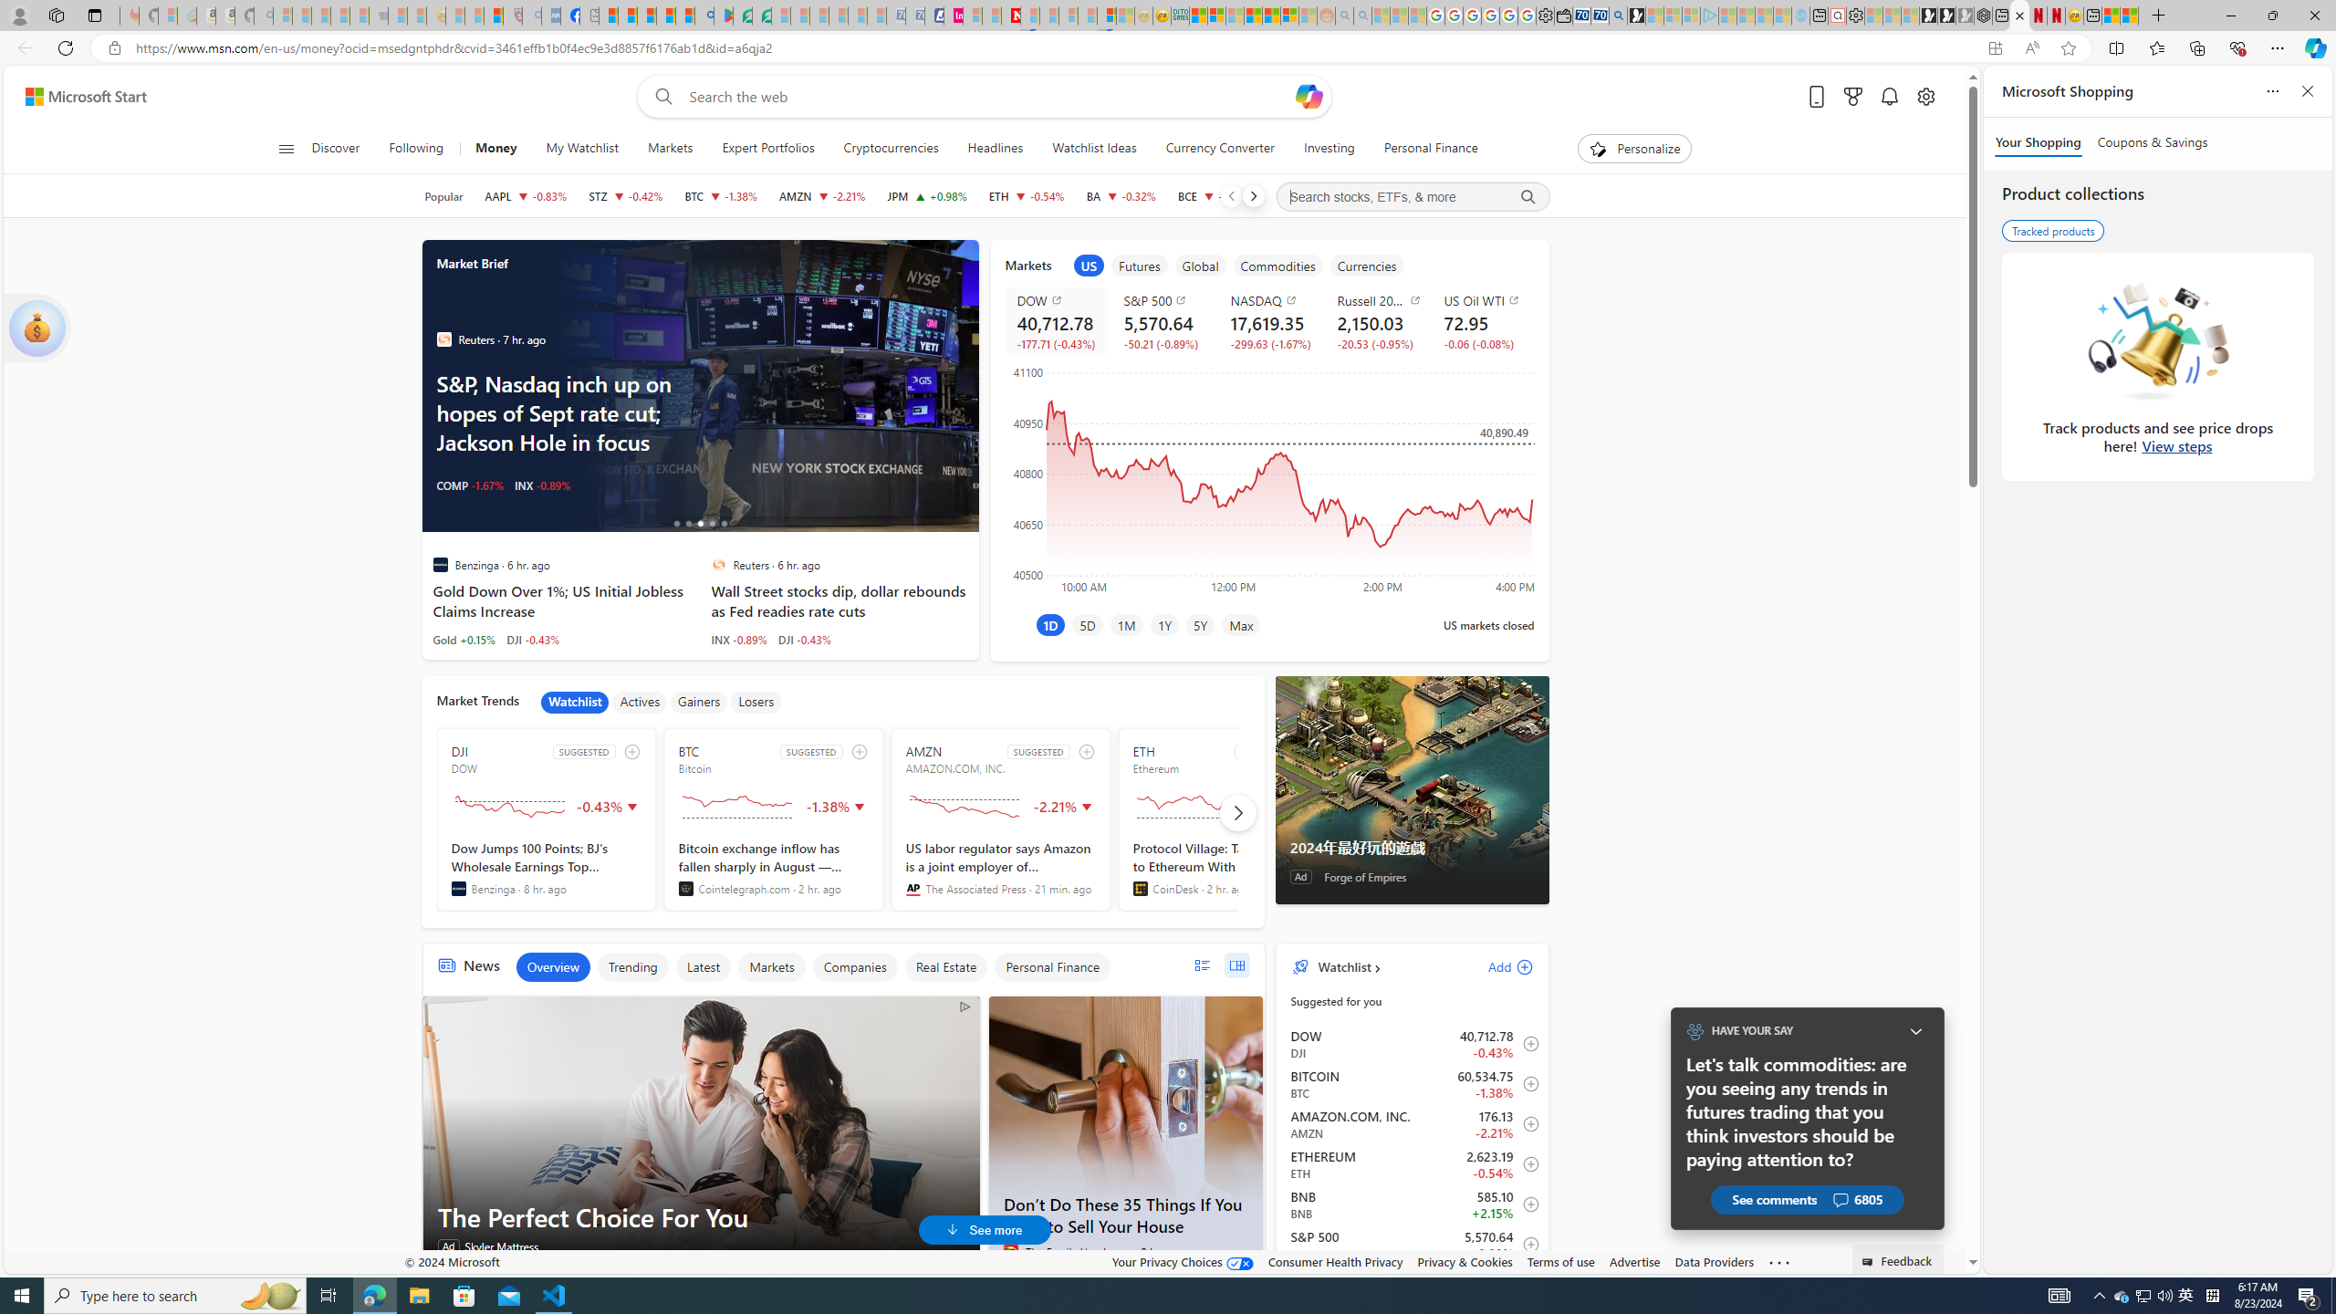 The height and width of the screenshot is (1314, 2336). I want to click on 'My Watchlist', so click(581, 148).